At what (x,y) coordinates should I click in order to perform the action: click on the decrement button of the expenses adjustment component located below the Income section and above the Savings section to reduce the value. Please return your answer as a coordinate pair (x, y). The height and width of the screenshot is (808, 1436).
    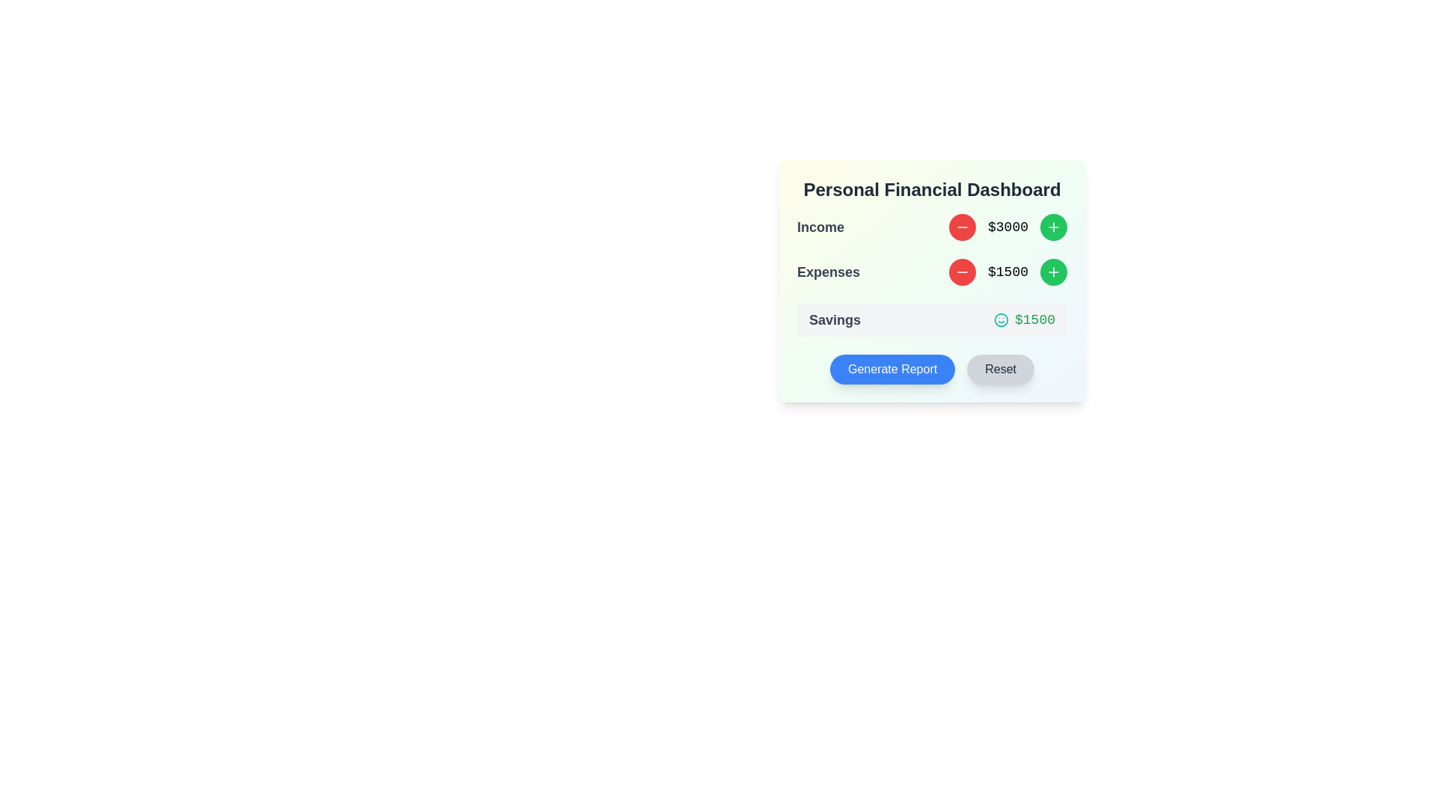
    Looking at the image, I should click on (931, 272).